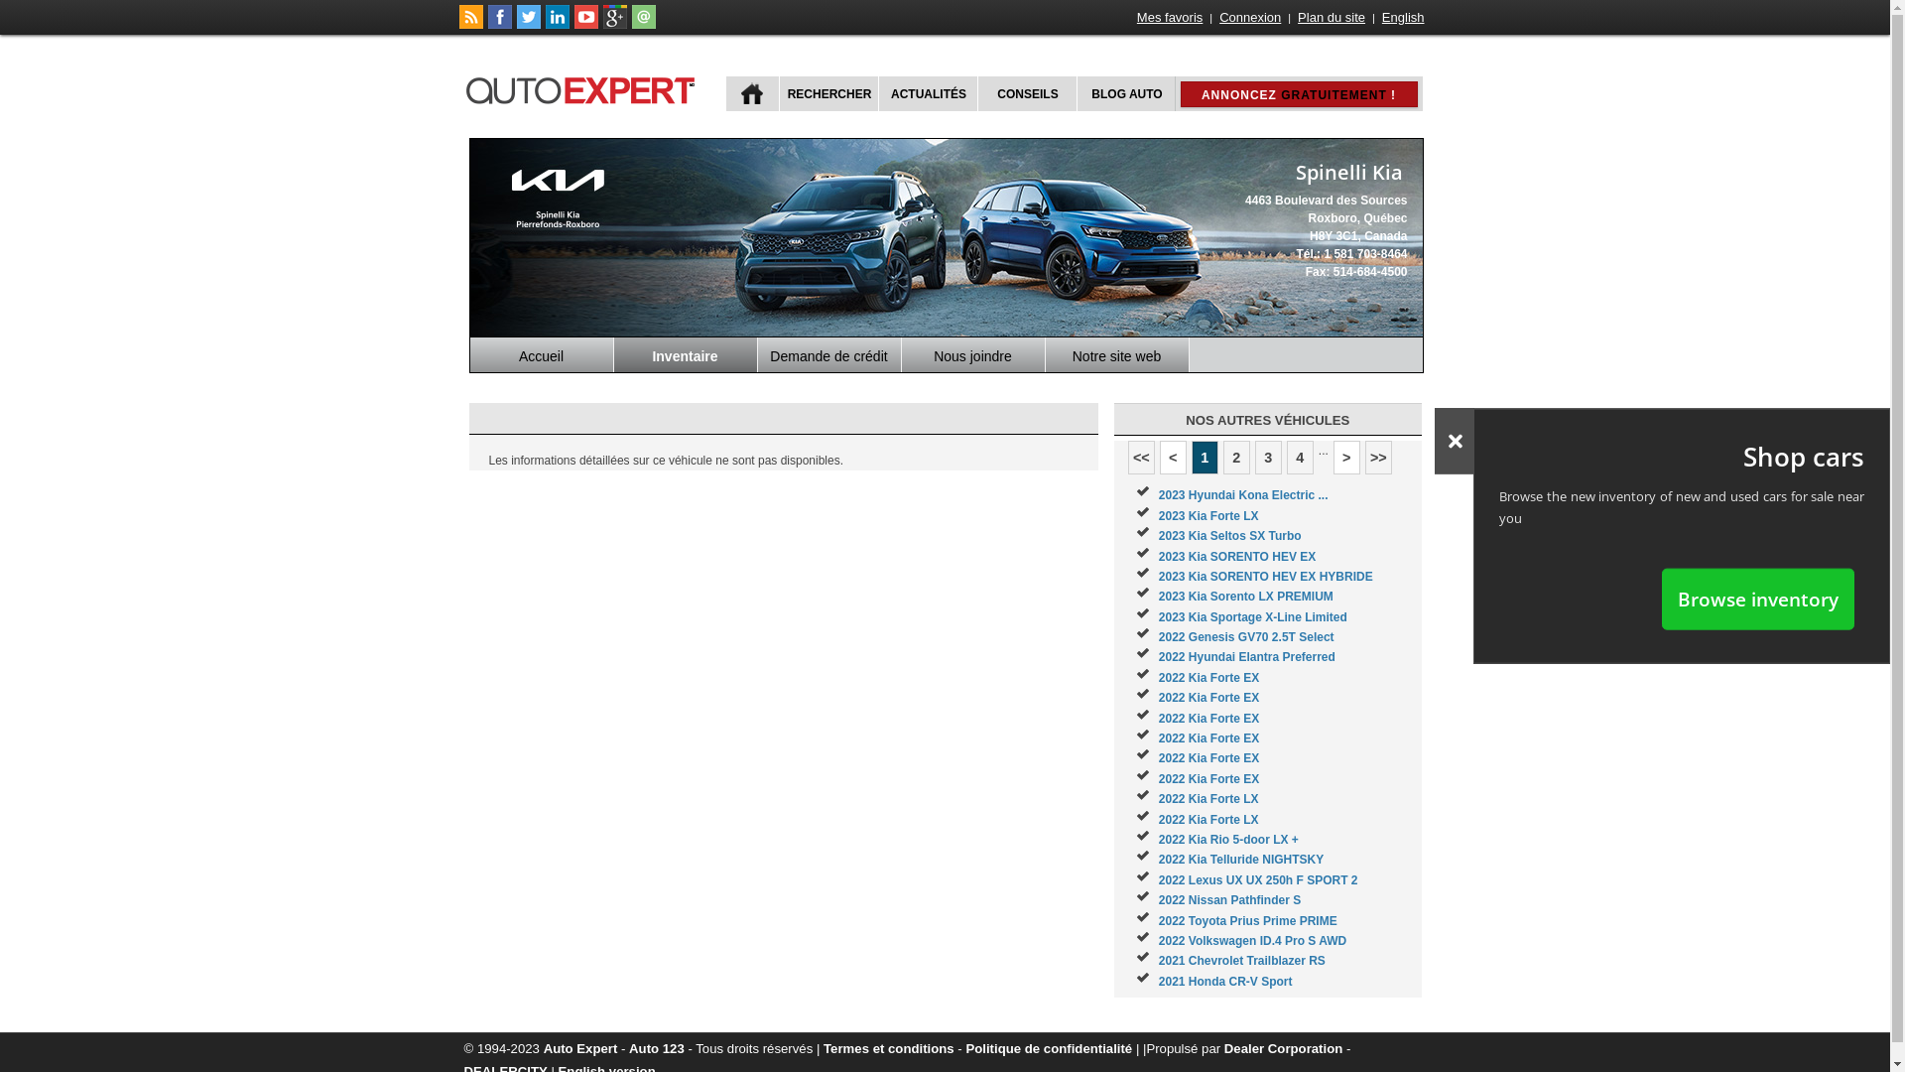 The height and width of the screenshot is (1072, 1905). What do you see at coordinates (1207, 778) in the screenshot?
I see `'2022 Kia Forte EX'` at bounding box center [1207, 778].